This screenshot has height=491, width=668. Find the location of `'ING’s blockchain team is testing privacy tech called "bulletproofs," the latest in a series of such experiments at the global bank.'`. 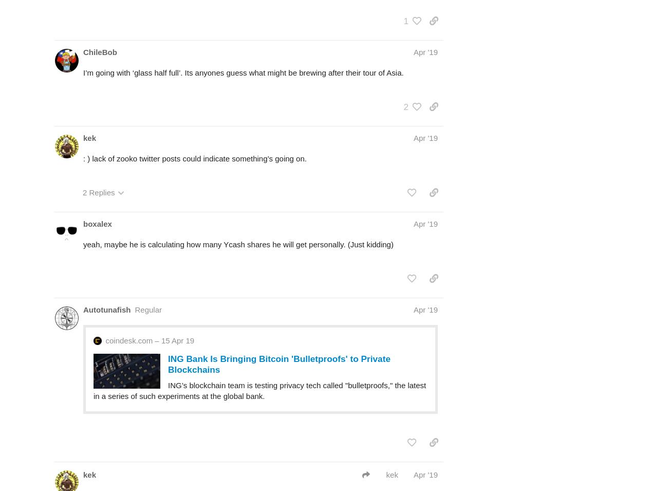

'ING’s blockchain team is testing privacy tech called "bulletproofs," the latest in a series of such experiments at the global bank.' is located at coordinates (259, 390).